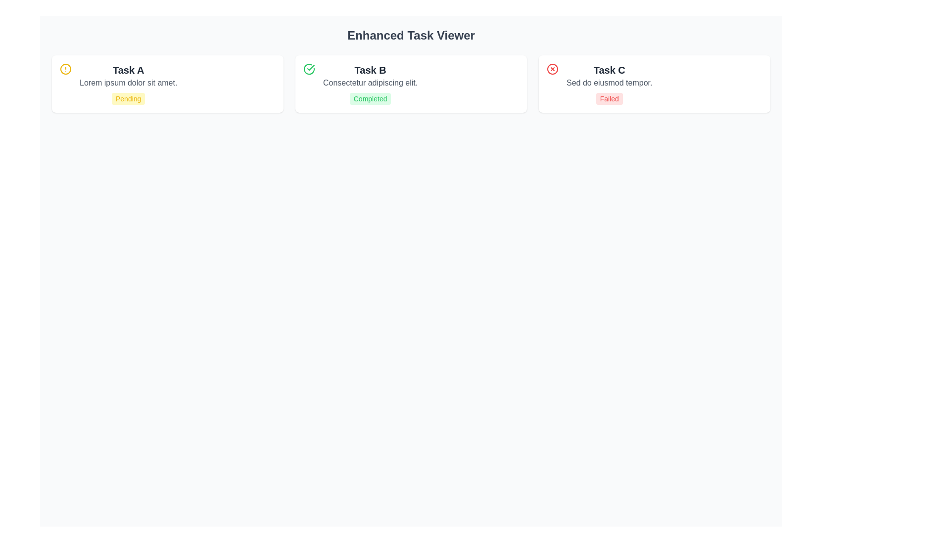 Image resolution: width=950 pixels, height=534 pixels. What do you see at coordinates (310, 67) in the screenshot?
I see `the completion status icon for 'Task B', which indicates that the task is completed and is located at the beginning of the 'Task B' card in the middle of the three cards` at bounding box center [310, 67].